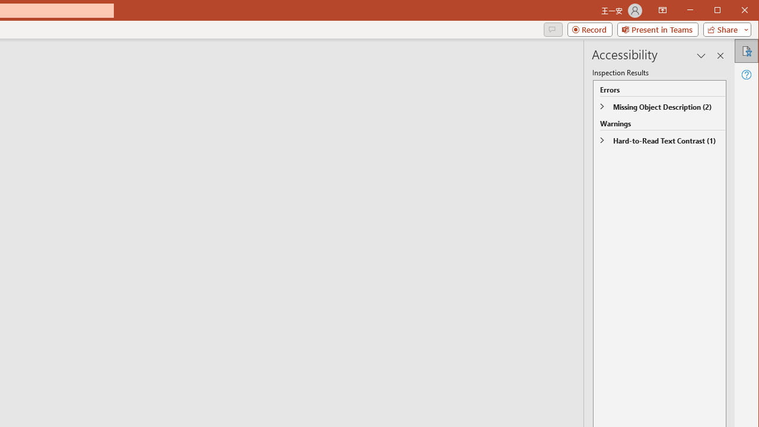  Describe the element at coordinates (662, 11) in the screenshot. I see `'Ribbon Display Options'` at that location.